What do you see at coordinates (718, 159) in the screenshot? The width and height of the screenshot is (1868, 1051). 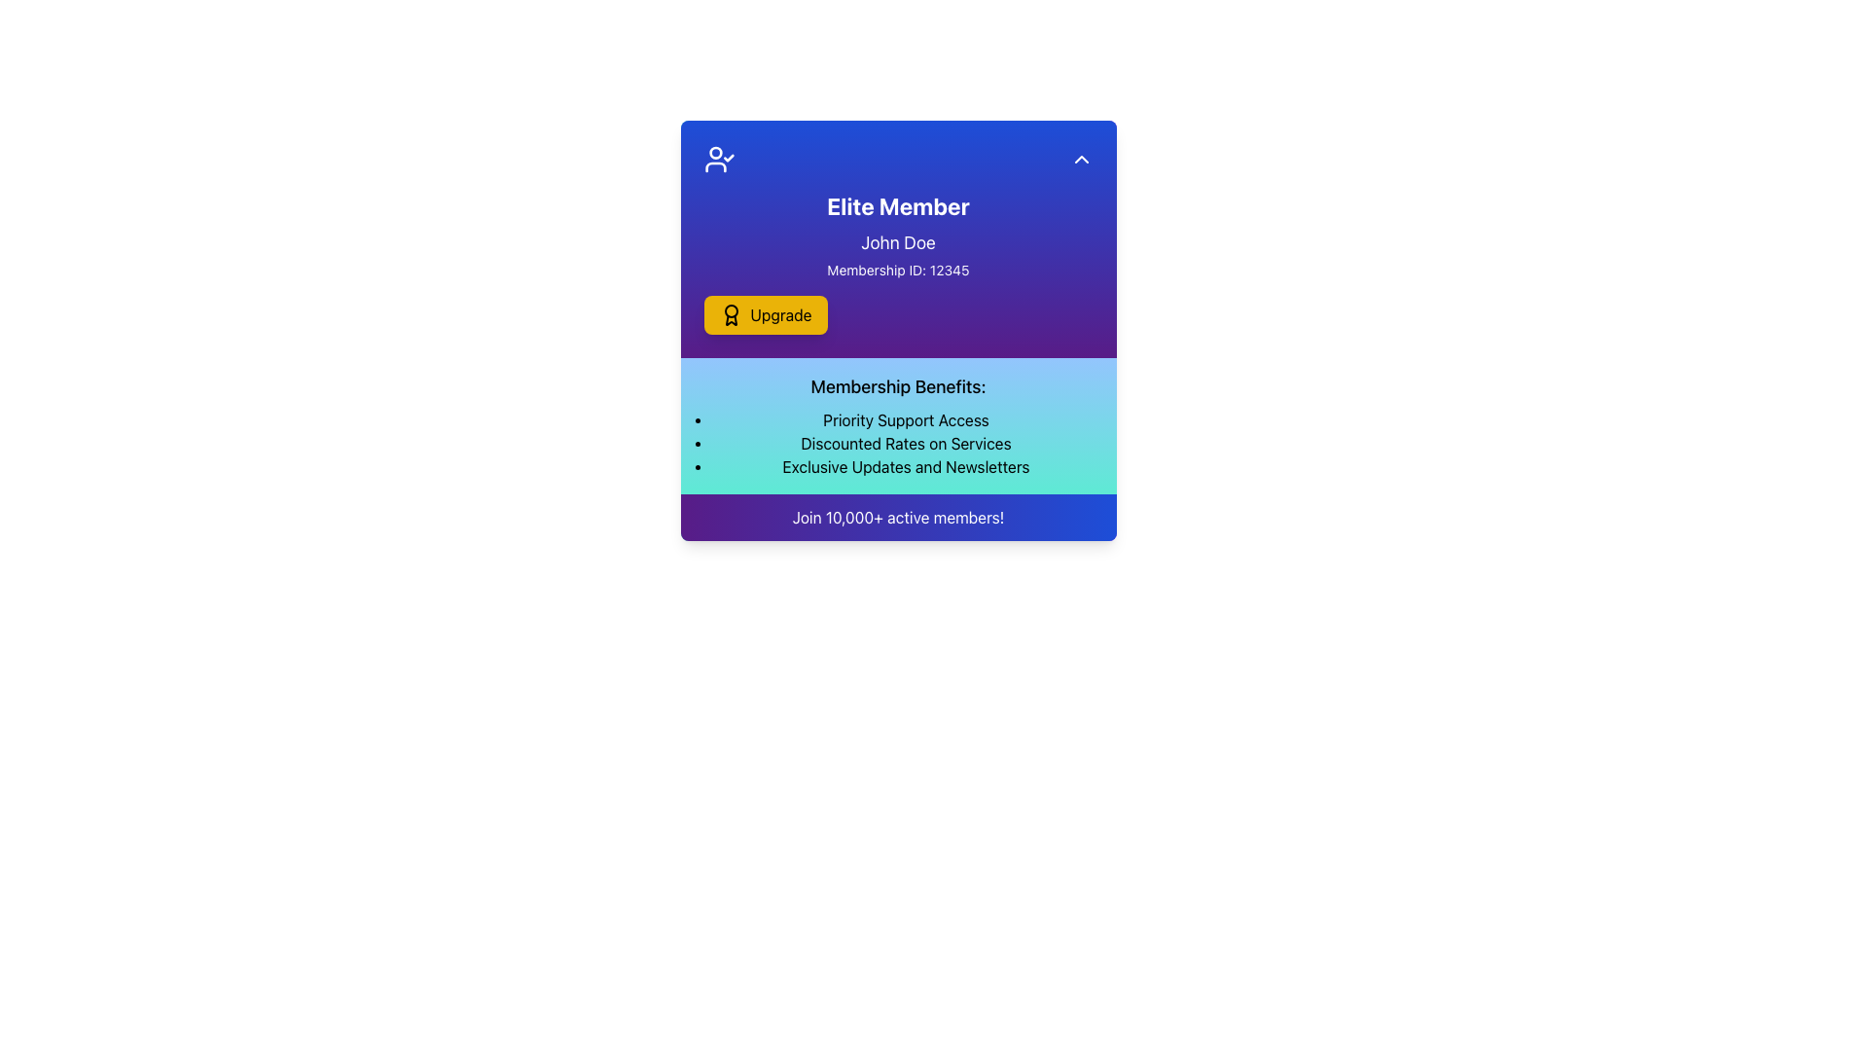 I see `the elite membership status icon located in the top left corner of the member information card, adjacent to the 'Elite Member' text` at bounding box center [718, 159].